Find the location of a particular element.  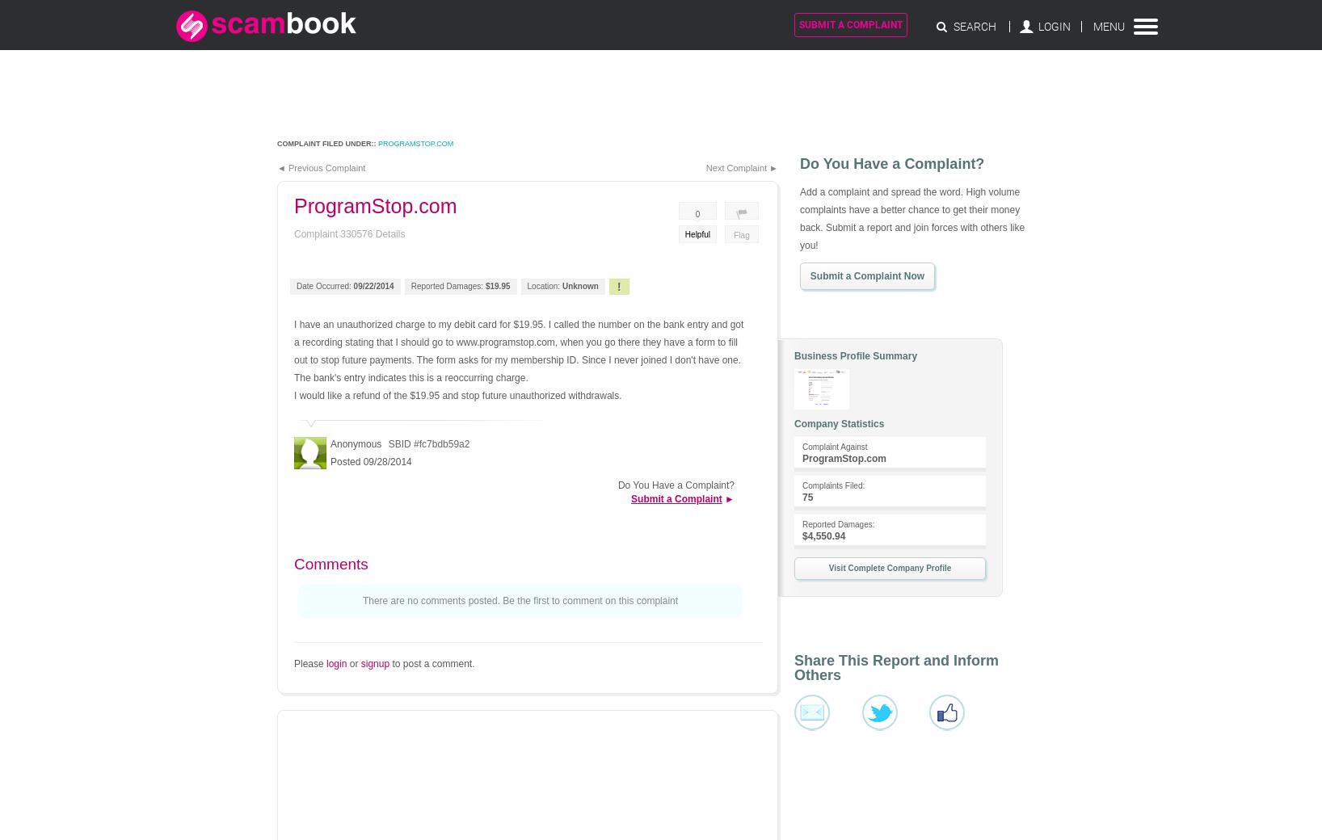

'Reported Damages:' is located at coordinates (838, 523).